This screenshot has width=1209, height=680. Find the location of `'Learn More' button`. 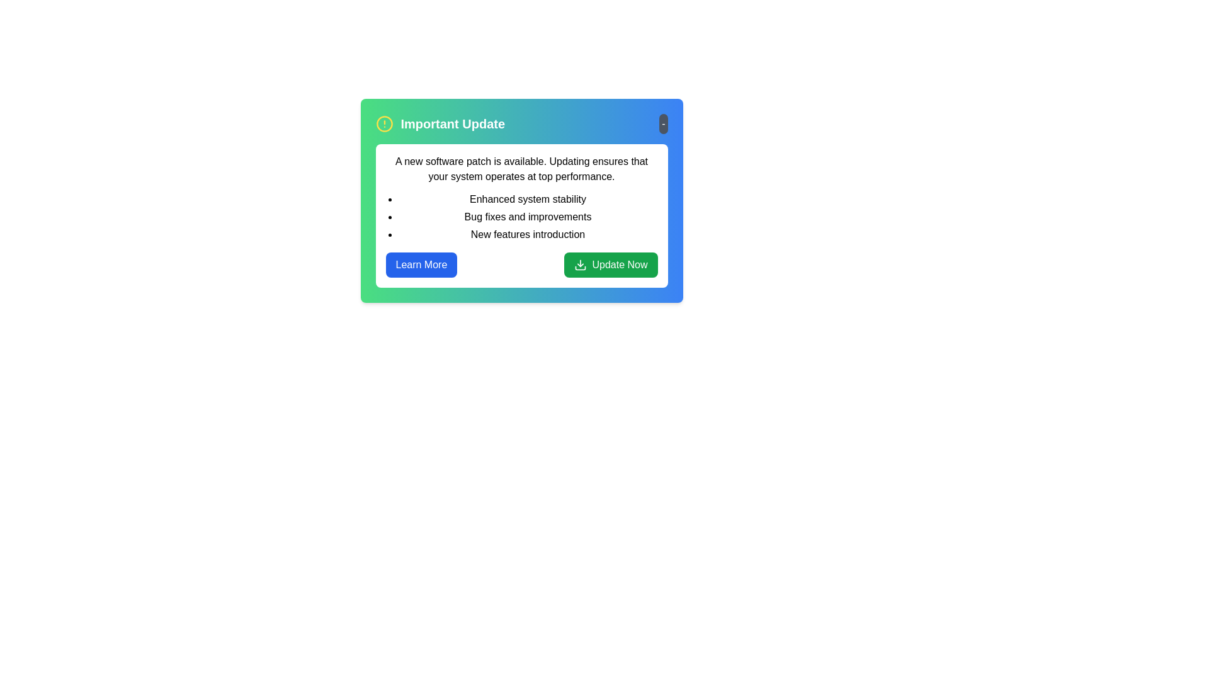

'Learn More' button is located at coordinates (421, 264).